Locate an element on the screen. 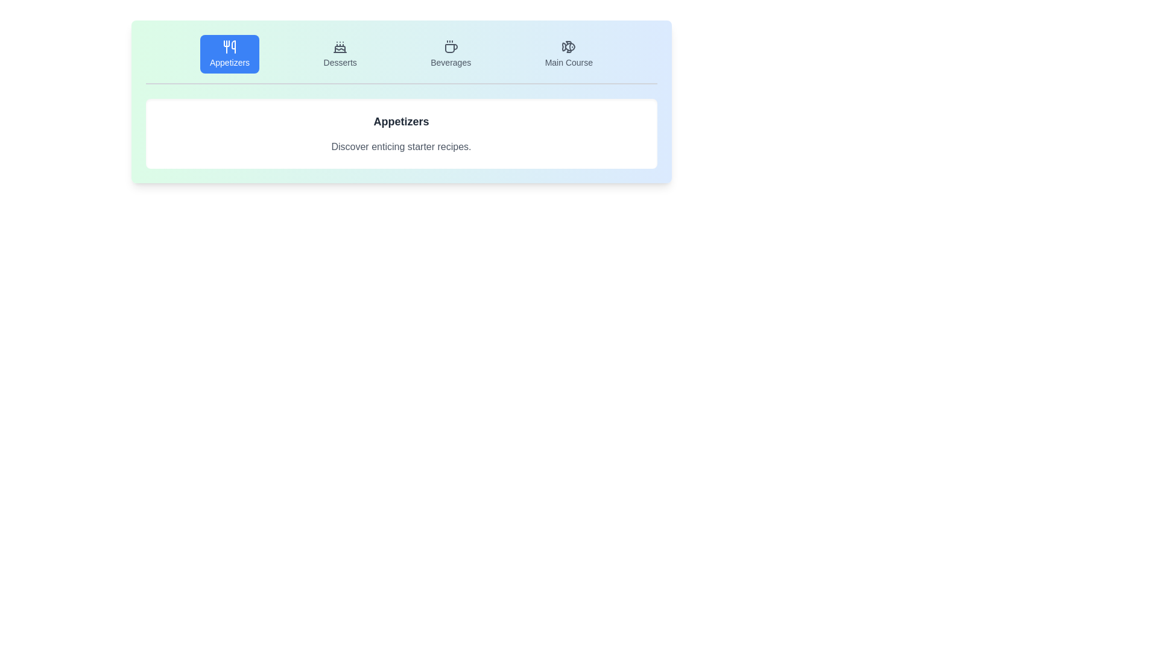  the Beverages tab by clicking on its button is located at coordinates (450, 53).